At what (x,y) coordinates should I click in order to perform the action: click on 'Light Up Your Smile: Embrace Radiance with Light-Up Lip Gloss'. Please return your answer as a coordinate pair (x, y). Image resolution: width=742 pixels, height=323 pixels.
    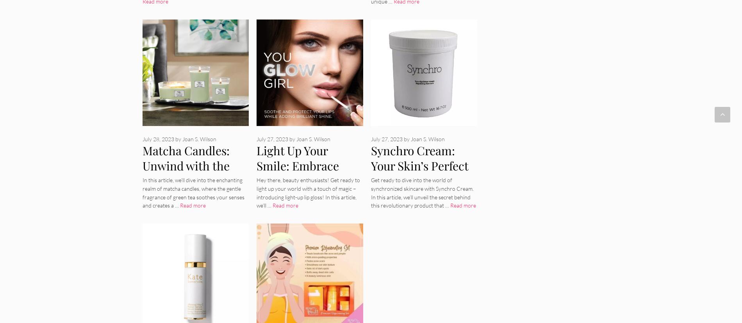
    Looking at the image, I should click on (305, 173).